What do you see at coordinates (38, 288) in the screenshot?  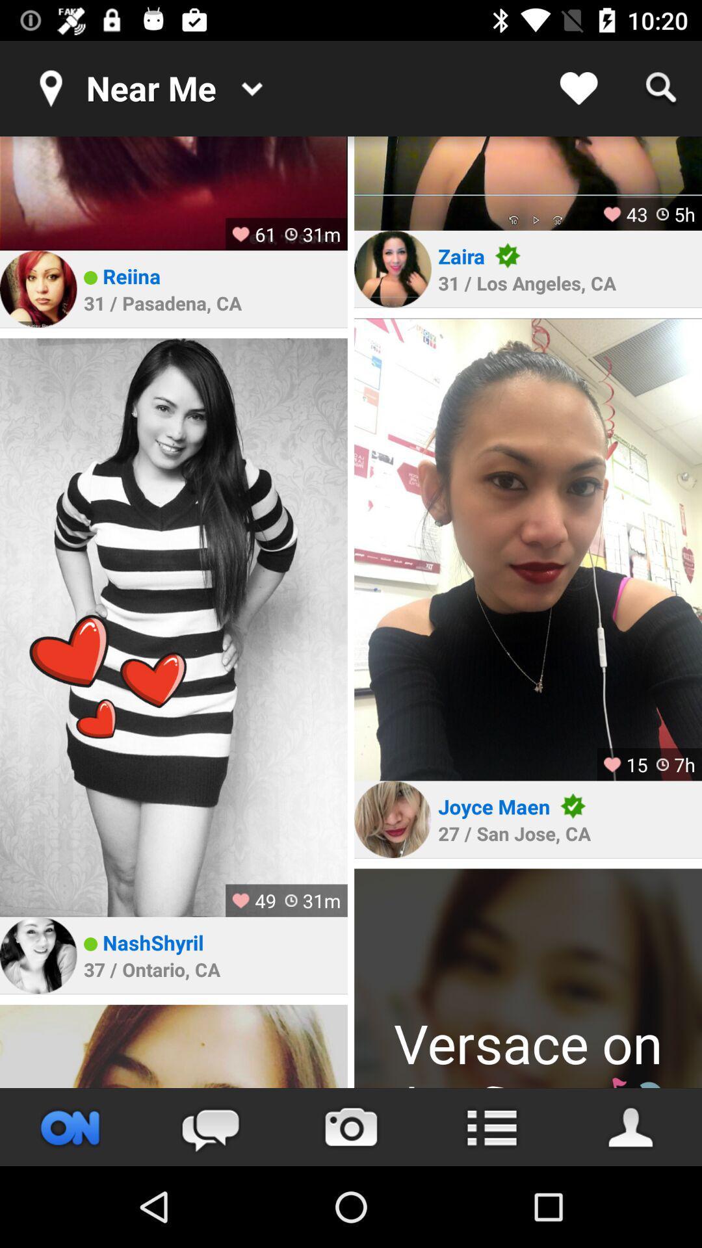 I see `profile` at bounding box center [38, 288].